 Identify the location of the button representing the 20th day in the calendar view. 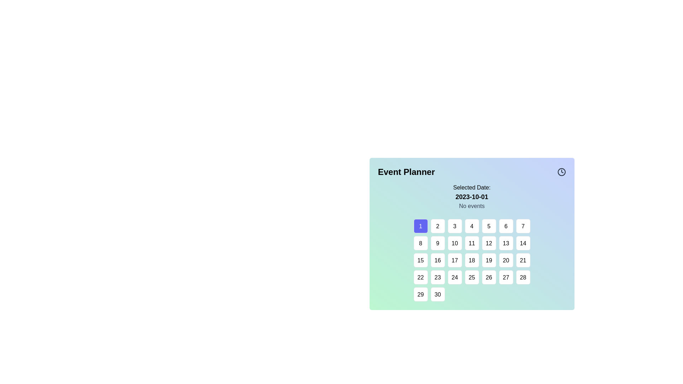
(505, 260).